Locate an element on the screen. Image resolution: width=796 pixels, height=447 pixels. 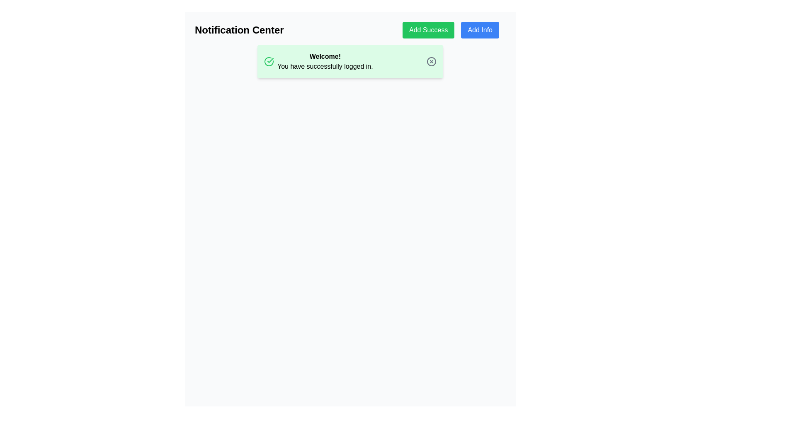
the success icon located in the upper-left corner of the success message box, which visually conveys a successful operation or completion is located at coordinates (269, 61).